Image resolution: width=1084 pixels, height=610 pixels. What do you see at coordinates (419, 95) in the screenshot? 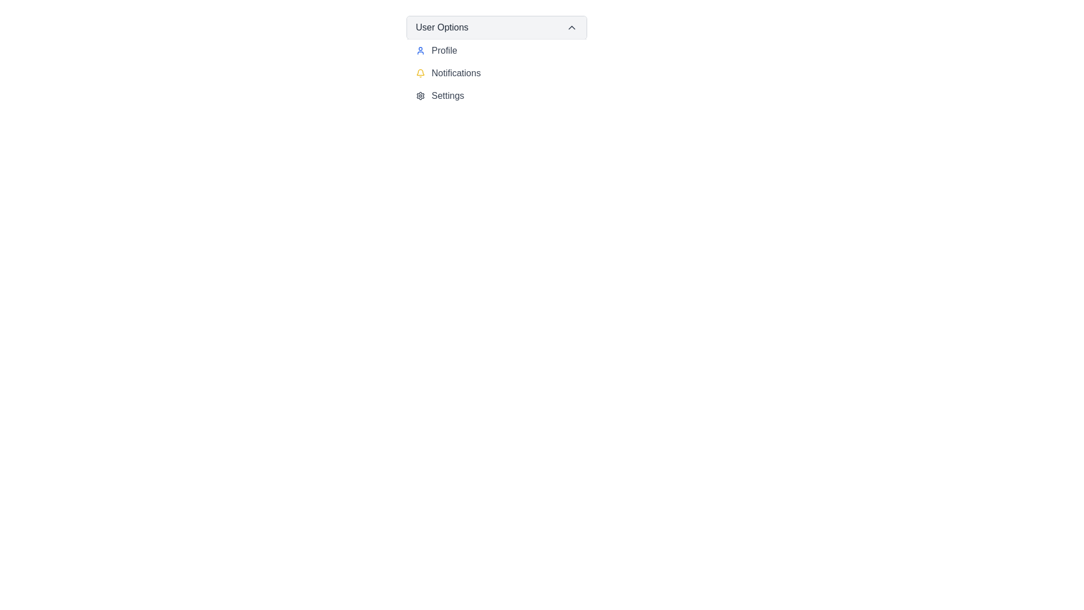
I see `the cogwheel icon at the right end of the 'Settings' label in the 'User Options' dropdown menu` at bounding box center [419, 95].